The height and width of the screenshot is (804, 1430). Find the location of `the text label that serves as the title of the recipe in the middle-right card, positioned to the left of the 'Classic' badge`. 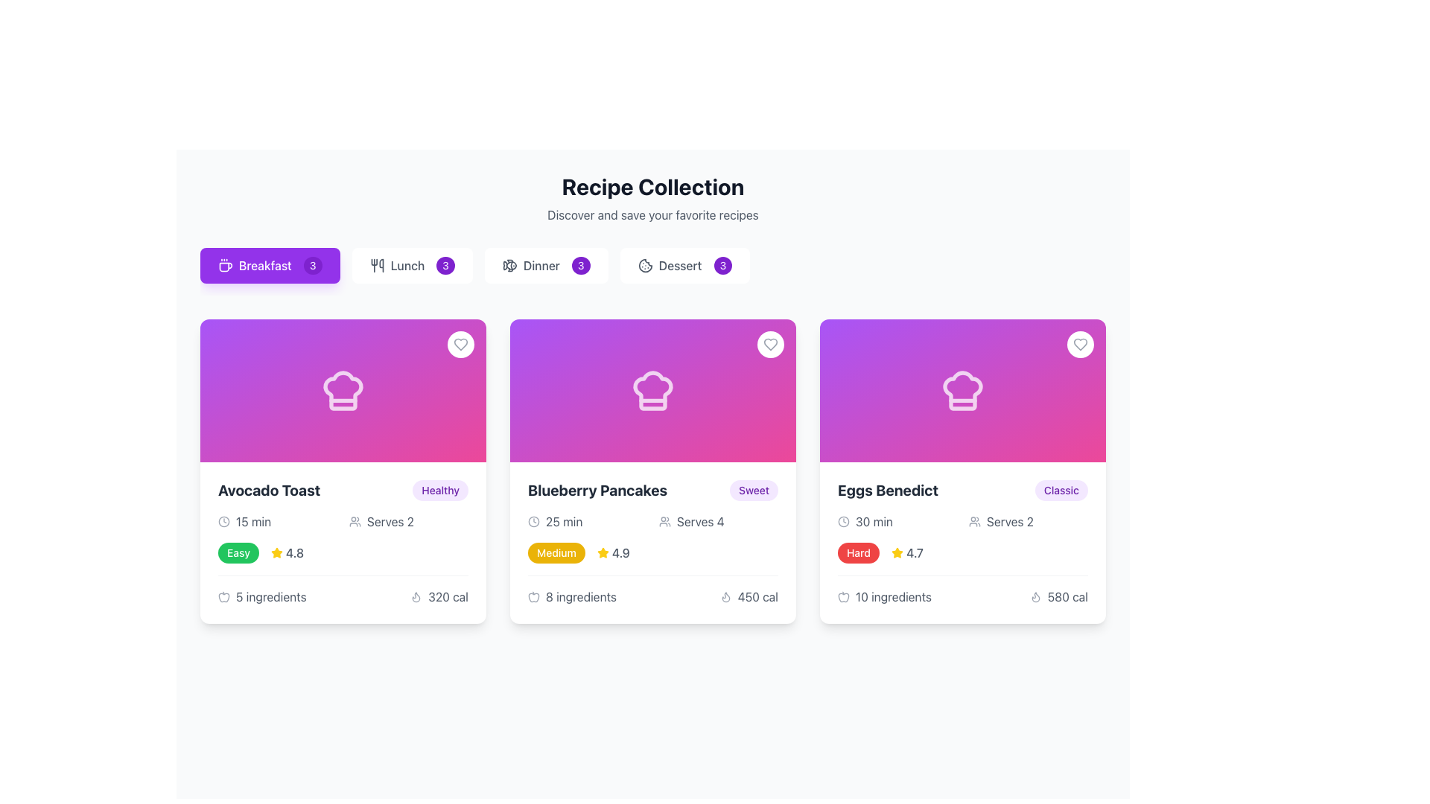

the text label that serves as the title of the recipe in the middle-right card, positioned to the left of the 'Classic' badge is located at coordinates (888, 491).